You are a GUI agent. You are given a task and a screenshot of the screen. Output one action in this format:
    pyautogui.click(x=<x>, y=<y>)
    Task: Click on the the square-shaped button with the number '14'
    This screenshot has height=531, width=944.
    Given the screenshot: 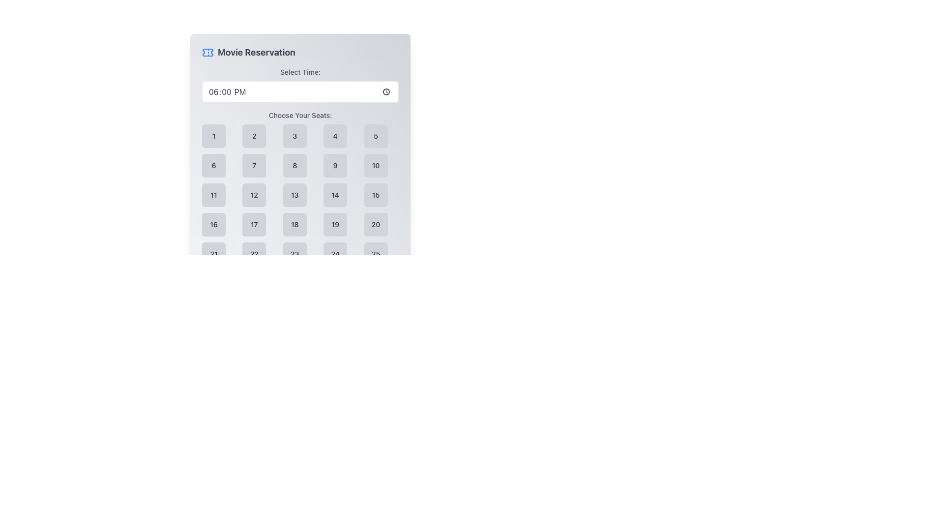 What is the action you would take?
    pyautogui.click(x=335, y=195)
    